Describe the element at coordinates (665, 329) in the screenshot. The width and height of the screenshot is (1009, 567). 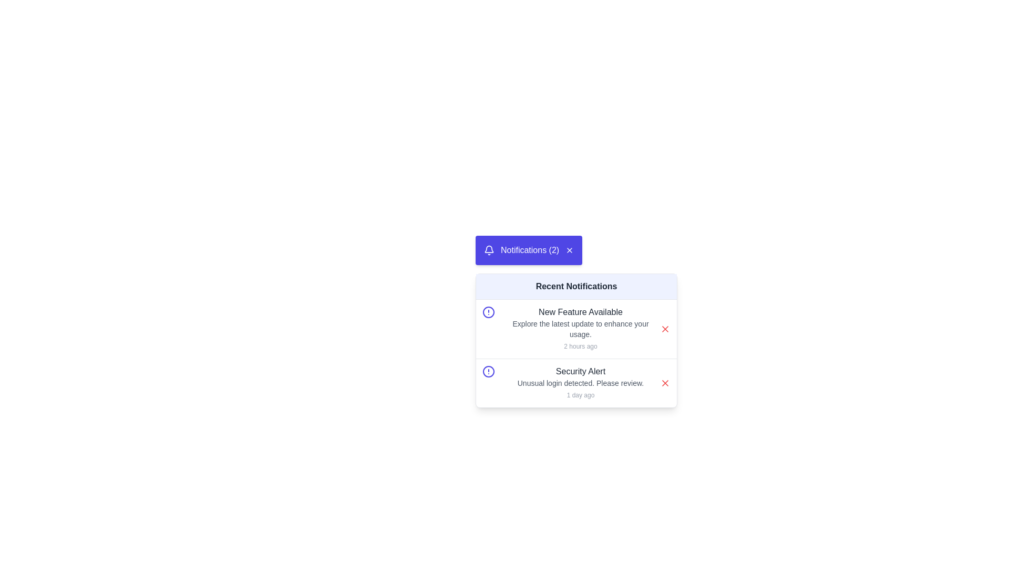
I see `the dismiss button located on the right-hand side of the top notification in the list` at that location.